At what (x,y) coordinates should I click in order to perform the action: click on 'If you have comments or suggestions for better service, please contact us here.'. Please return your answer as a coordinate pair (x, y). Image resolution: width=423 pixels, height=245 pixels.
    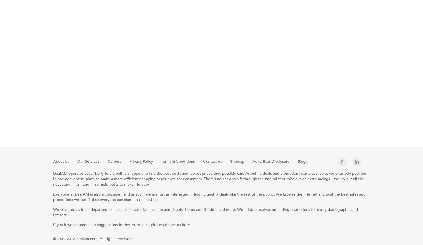
    Looking at the image, I should click on (122, 224).